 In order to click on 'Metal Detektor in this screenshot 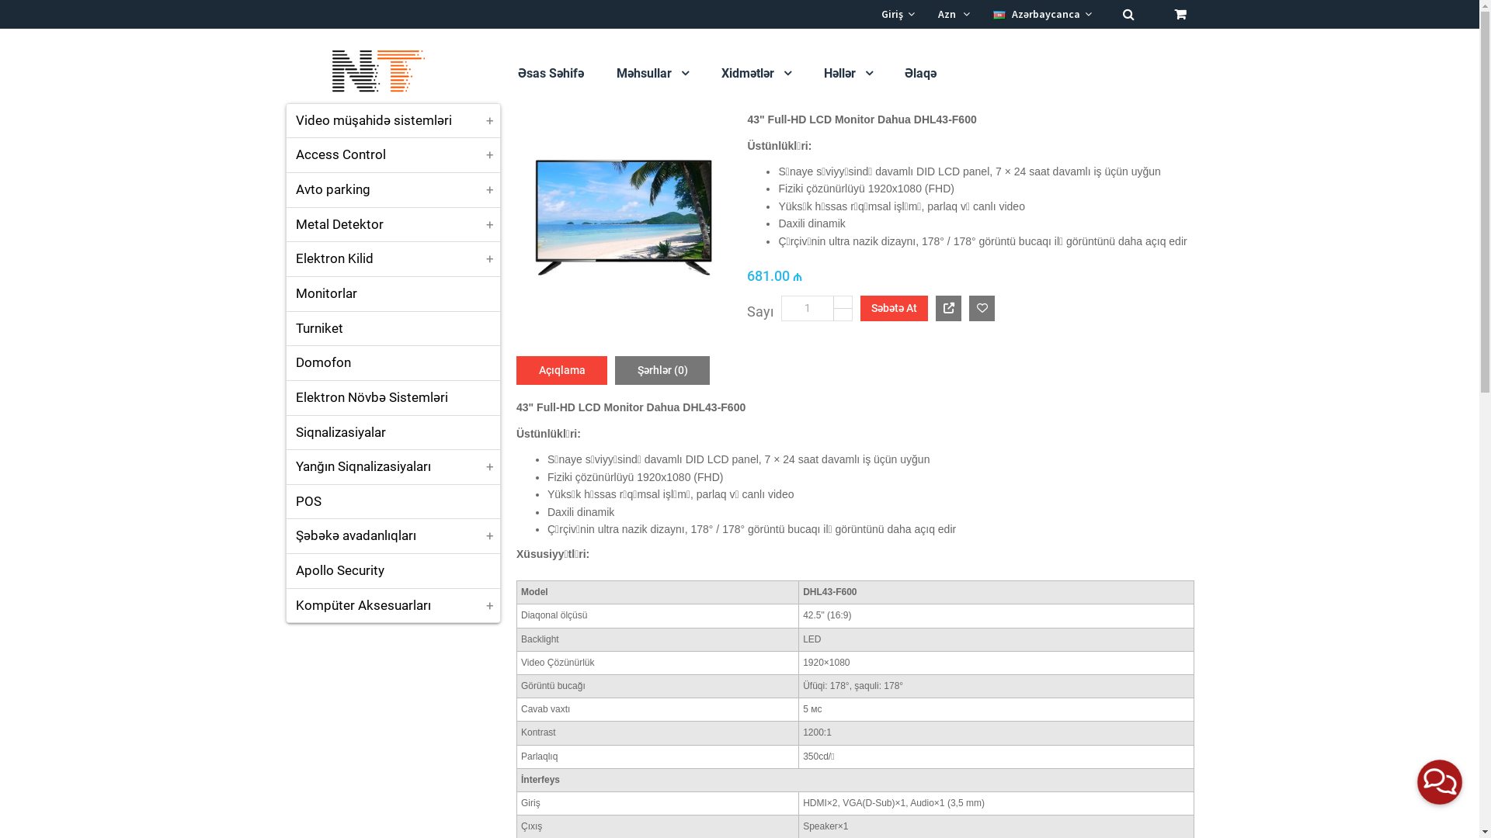, I will do `click(392, 224)`.